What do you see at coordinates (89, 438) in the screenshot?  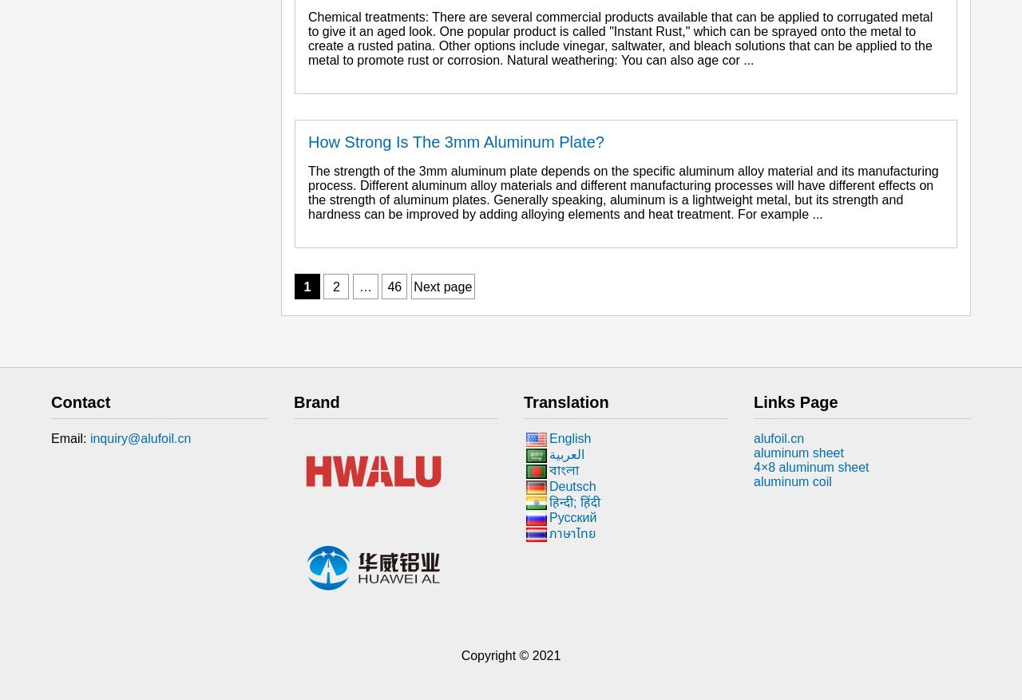 I see `'inquiry@alufoil.cn'` at bounding box center [89, 438].